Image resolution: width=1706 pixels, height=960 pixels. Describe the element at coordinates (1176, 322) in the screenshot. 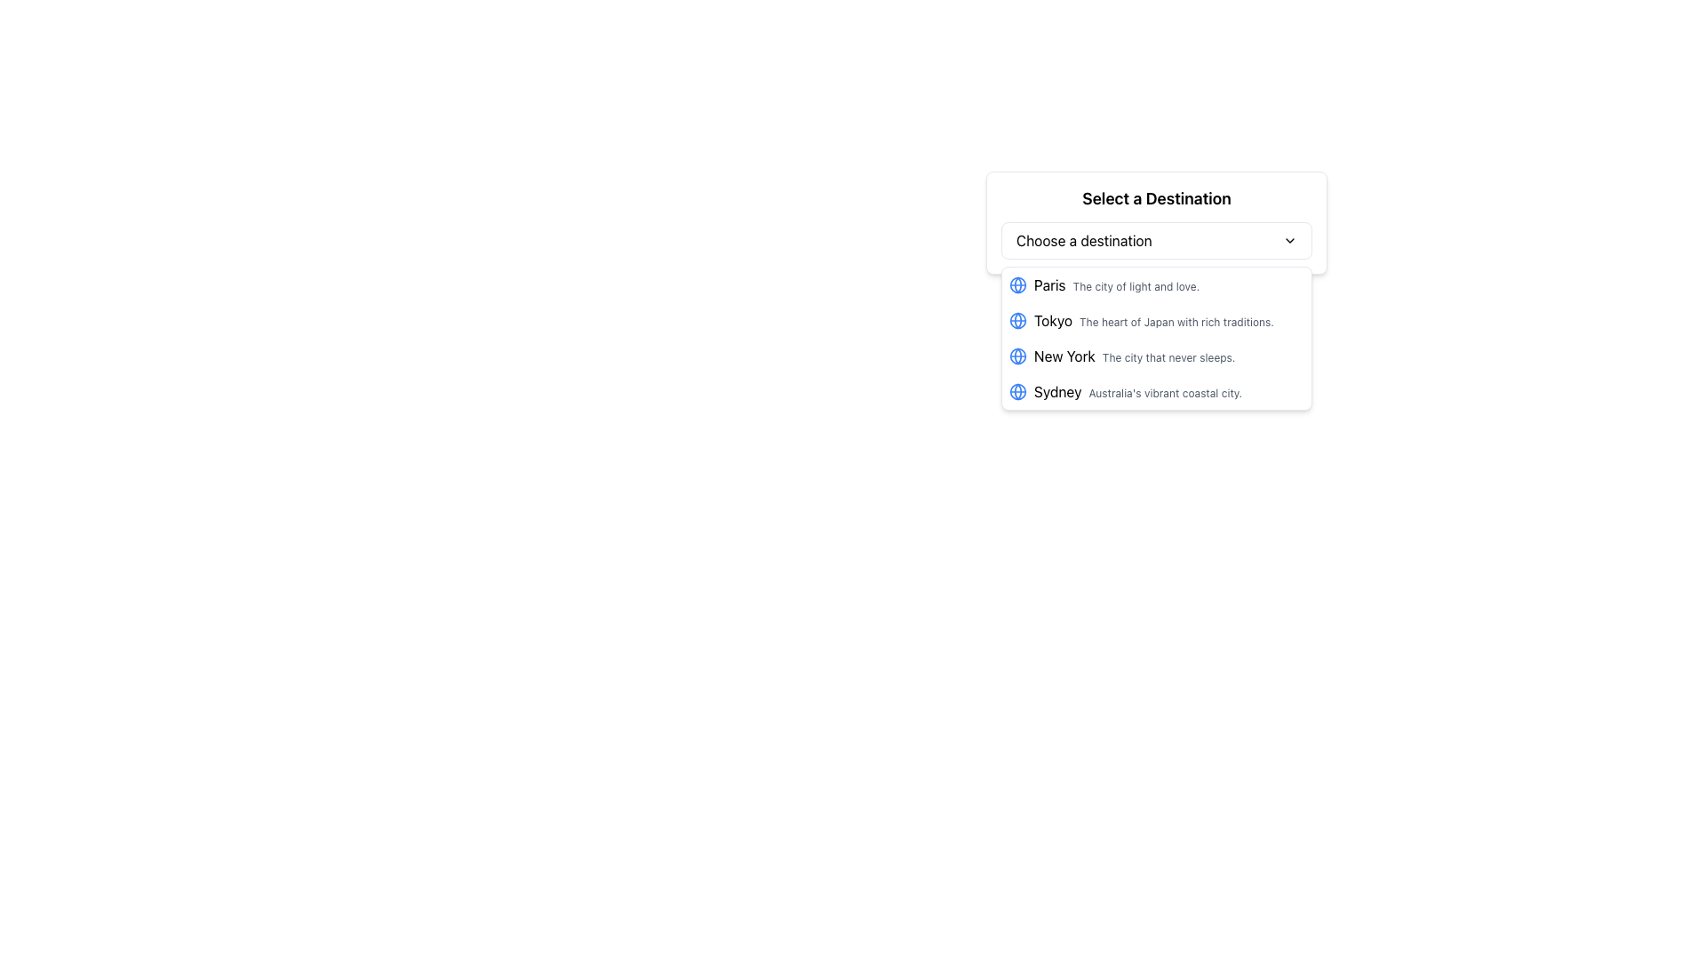

I see `the descriptive text element located in the dropdown list under the 'Tokyo' destination, immediately below the title 'Tokyo.'` at that location.